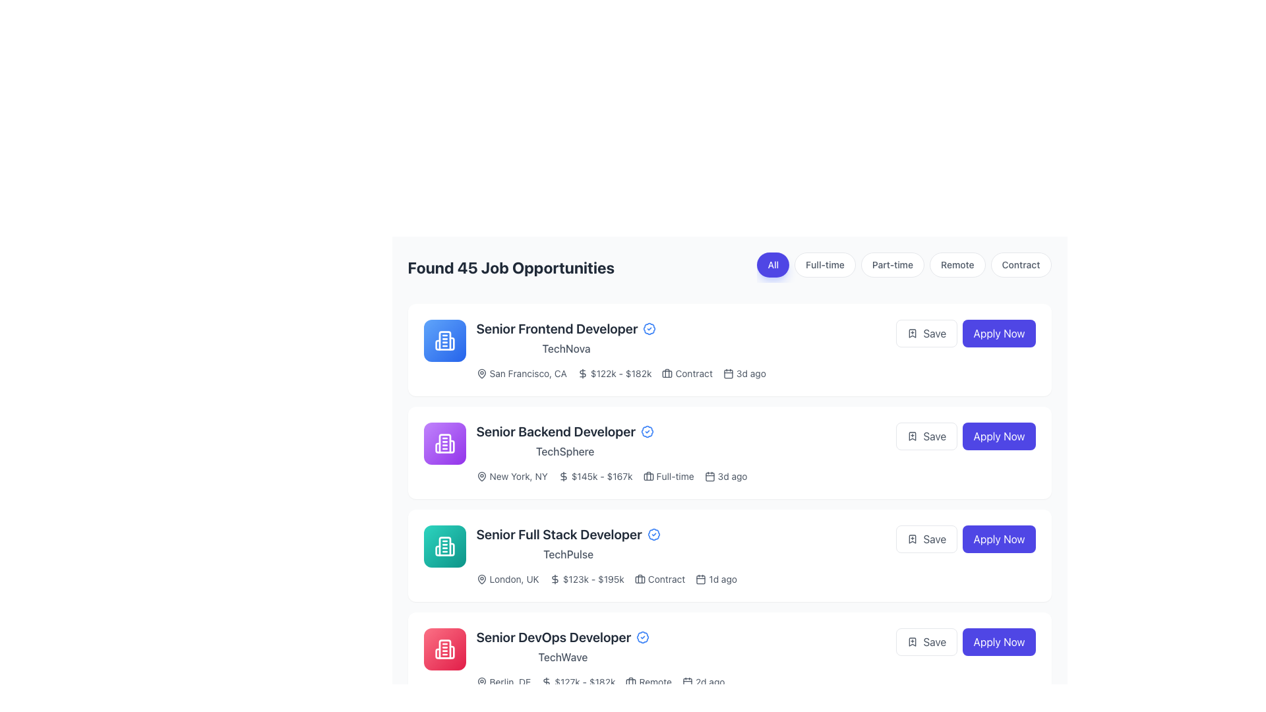 This screenshot has width=1266, height=712. What do you see at coordinates (926, 436) in the screenshot?
I see `the 'Save' button, which is the first button in a pair located to the left of the 'Apply Now' button` at bounding box center [926, 436].